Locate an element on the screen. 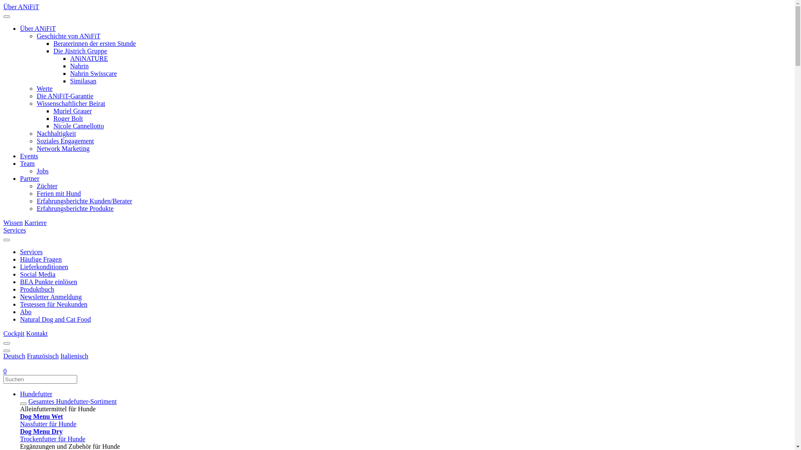 The image size is (801, 450). 'Karriere' is located at coordinates (24, 222).